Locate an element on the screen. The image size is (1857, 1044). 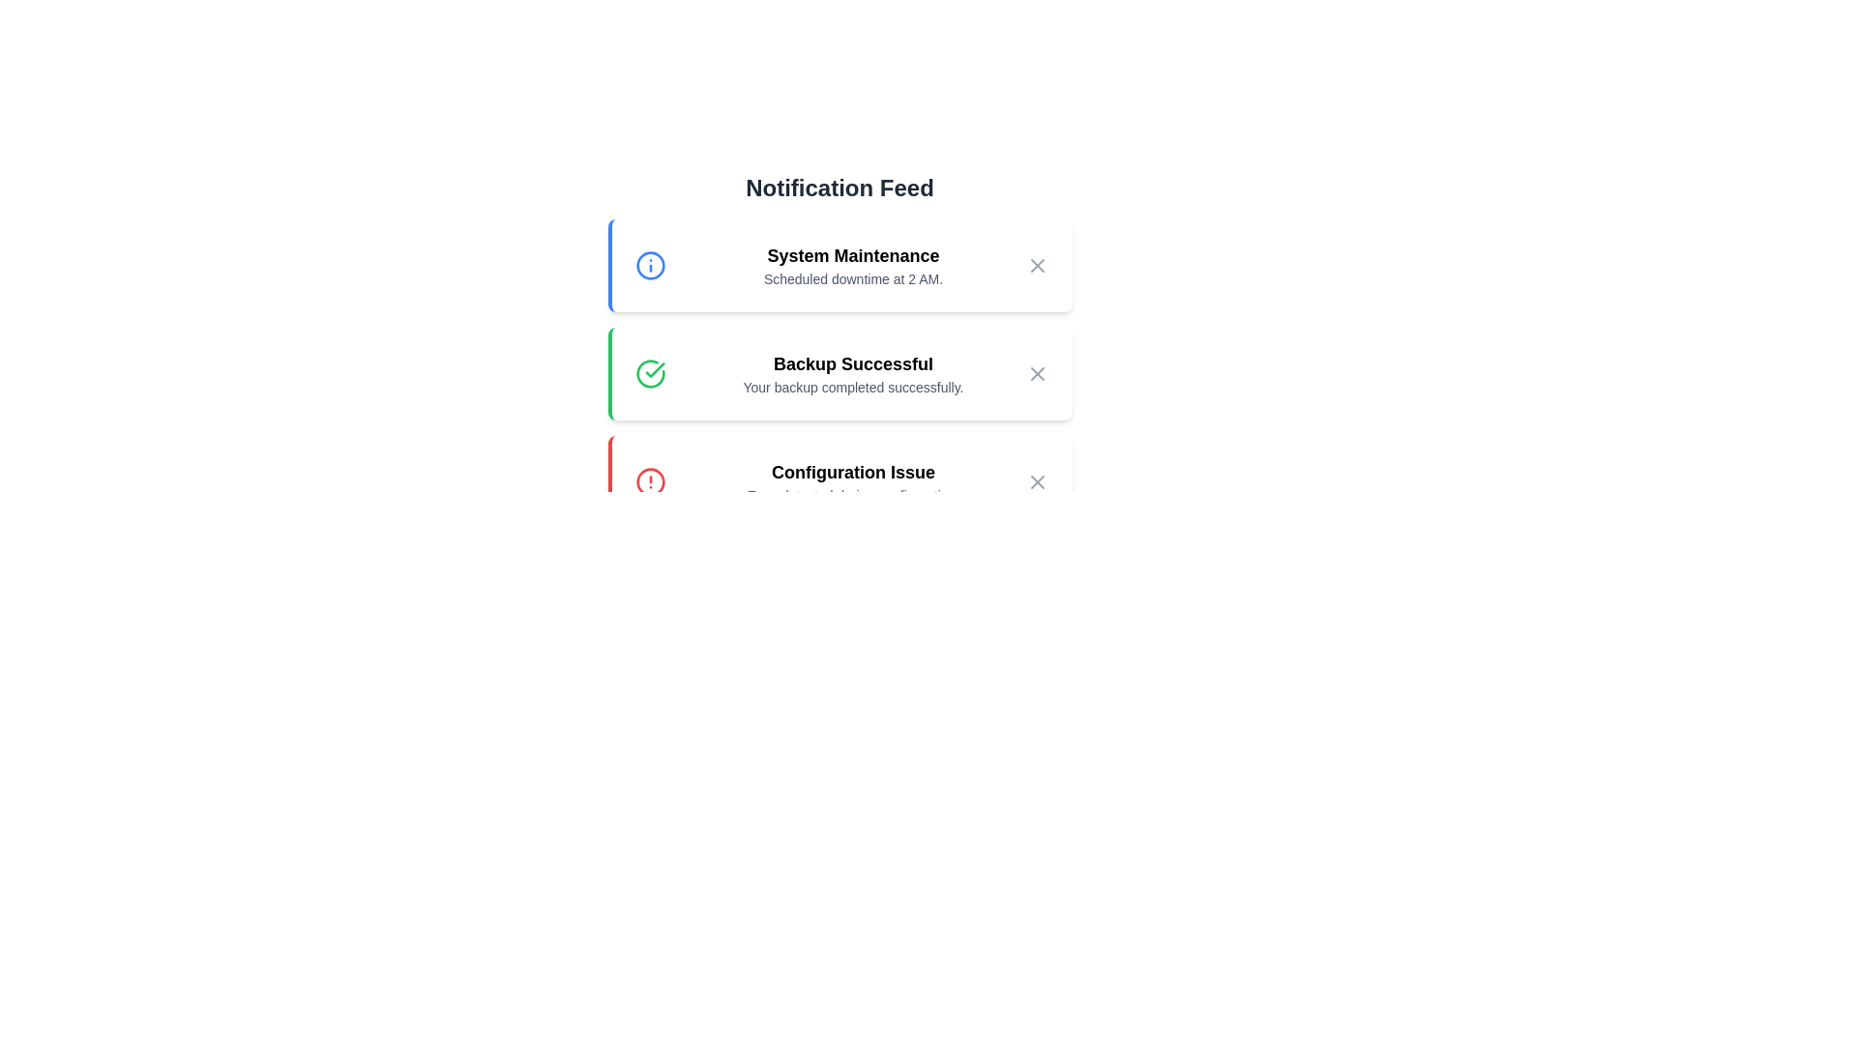
the icon associated with the notification type is located at coordinates (650, 265).